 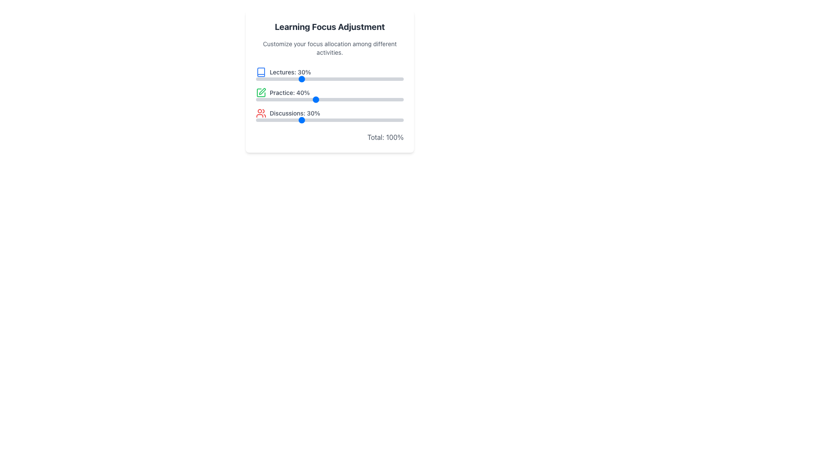 What do you see at coordinates (260, 113) in the screenshot?
I see `the red icon representing a group of stylized individuals located next` at bounding box center [260, 113].